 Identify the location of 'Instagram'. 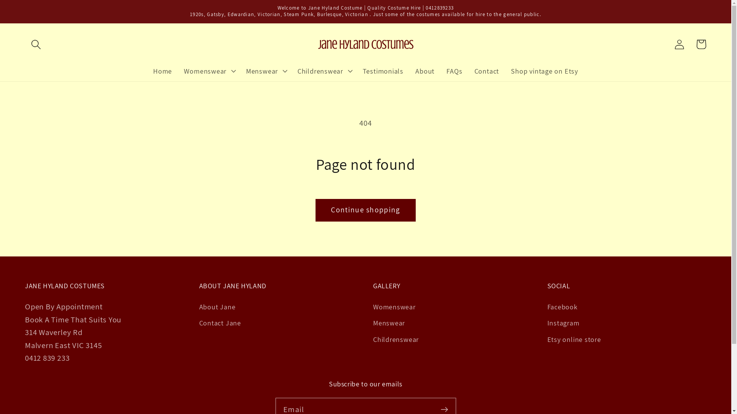
(547, 323).